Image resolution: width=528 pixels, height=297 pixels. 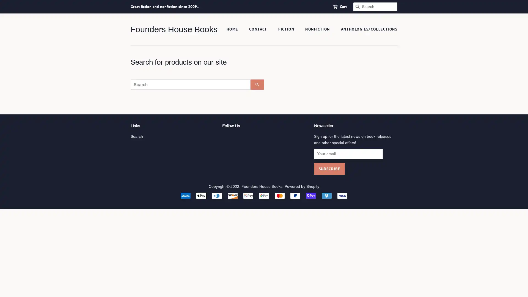 What do you see at coordinates (257, 84) in the screenshot?
I see `SEARCH` at bounding box center [257, 84].